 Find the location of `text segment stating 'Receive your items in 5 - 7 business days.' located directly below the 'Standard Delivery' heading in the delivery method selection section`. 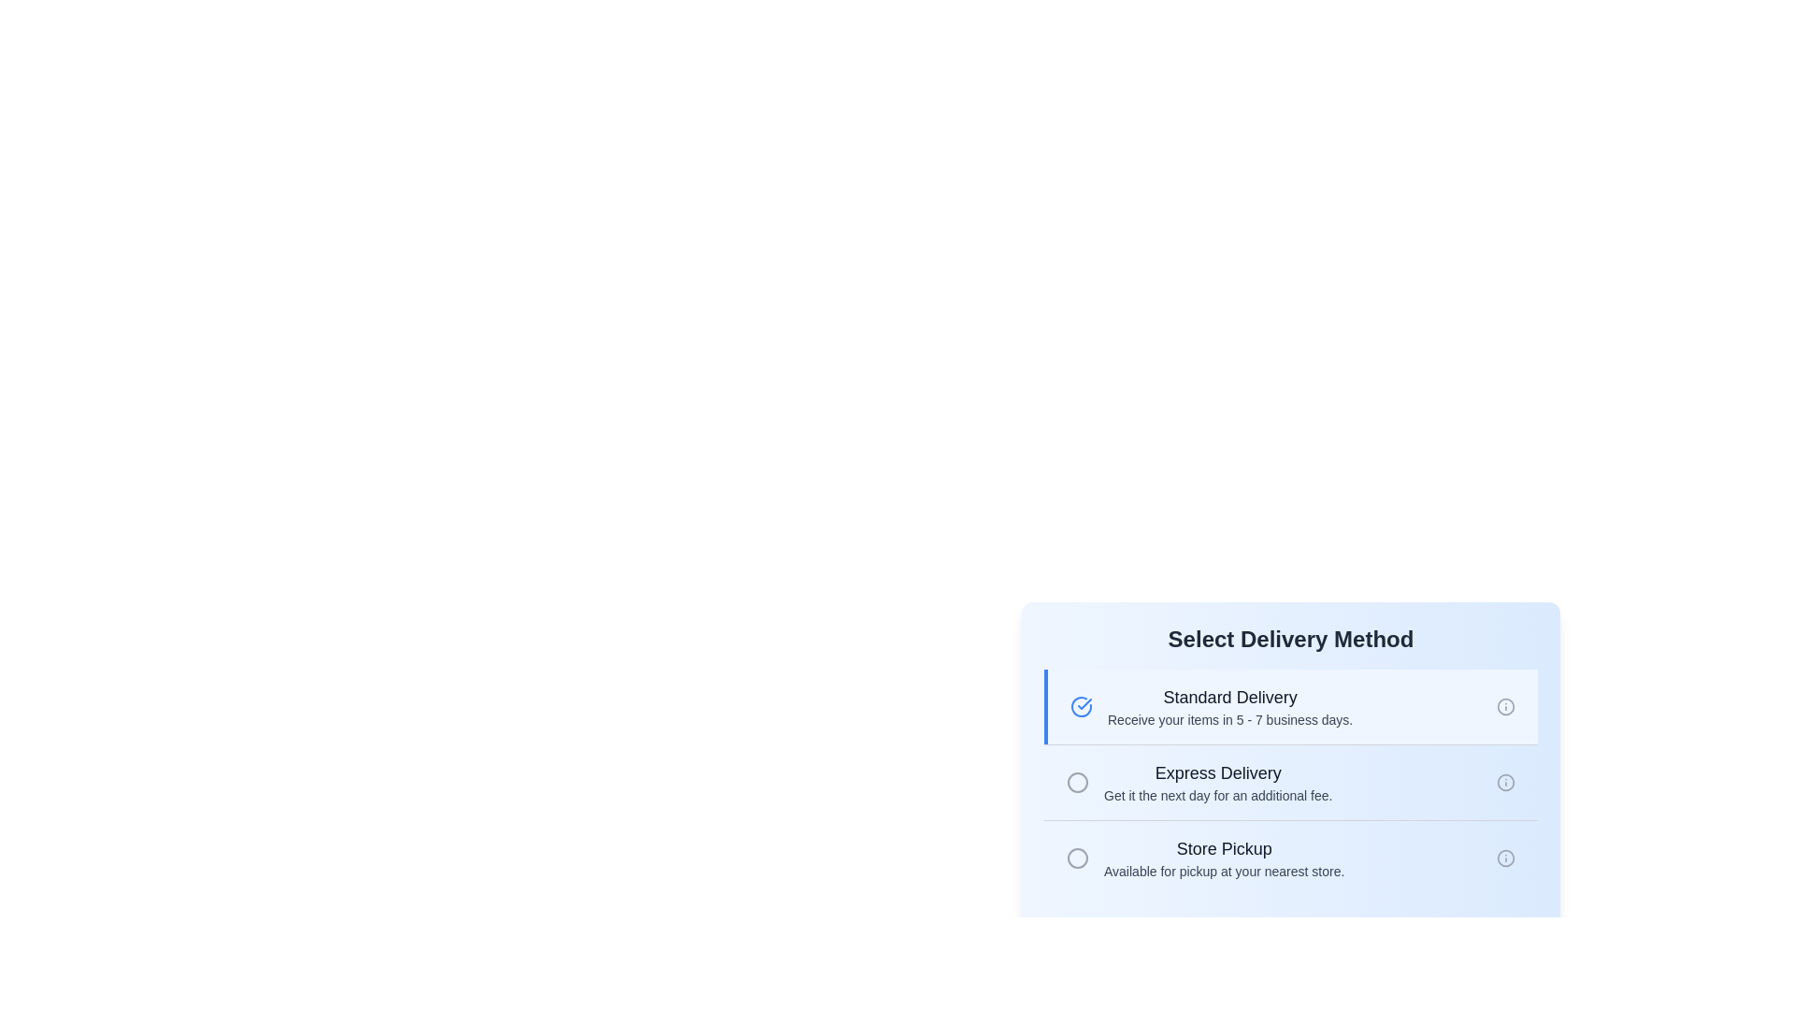

text segment stating 'Receive your items in 5 - 7 business days.' located directly below the 'Standard Delivery' heading in the delivery method selection section is located at coordinates (1230, 719).